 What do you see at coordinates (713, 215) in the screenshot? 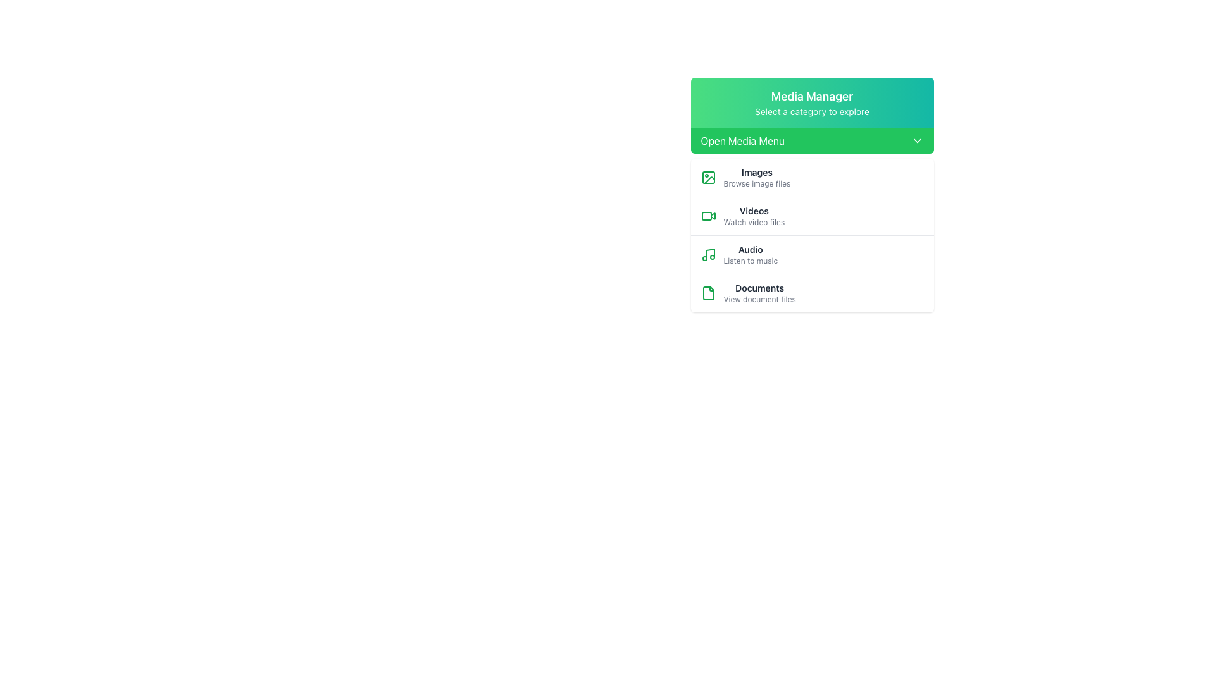
I see `the triangular play icon within the 'Videos' button in the media management interface` at bounding box center [713, 215].